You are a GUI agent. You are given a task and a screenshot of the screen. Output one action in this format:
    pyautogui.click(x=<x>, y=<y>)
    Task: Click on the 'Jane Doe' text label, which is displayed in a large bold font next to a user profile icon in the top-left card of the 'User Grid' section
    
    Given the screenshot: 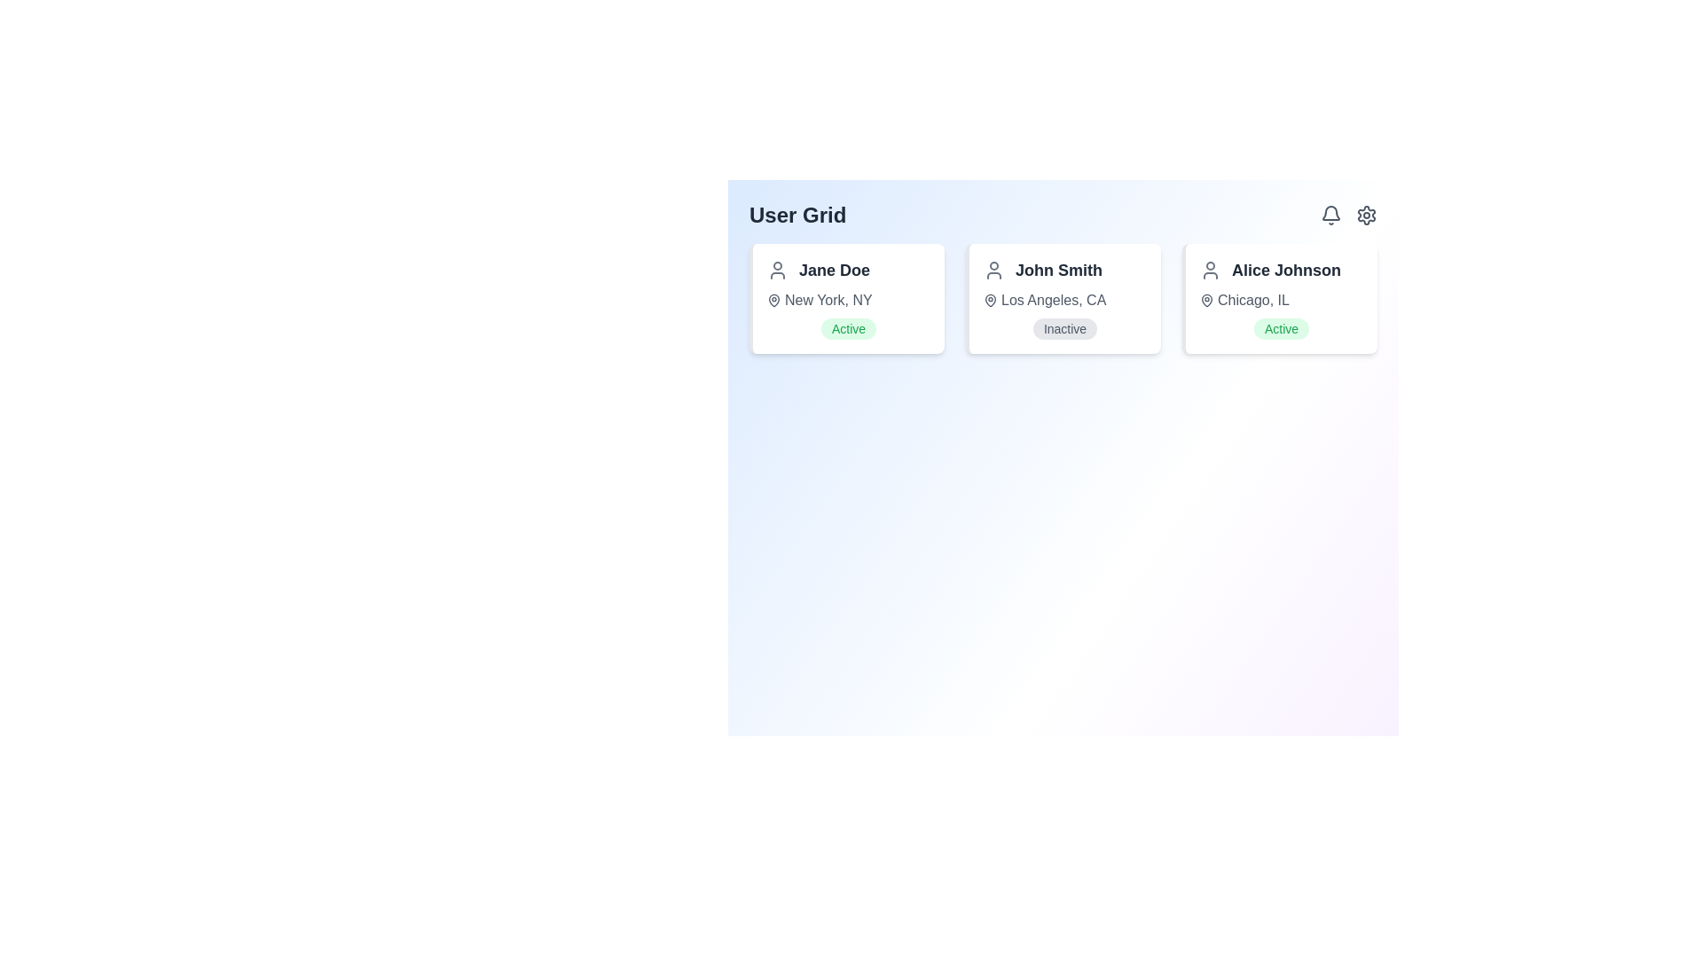 What is the action you would take?
    pyautogui.click(x=847, y=270)
    